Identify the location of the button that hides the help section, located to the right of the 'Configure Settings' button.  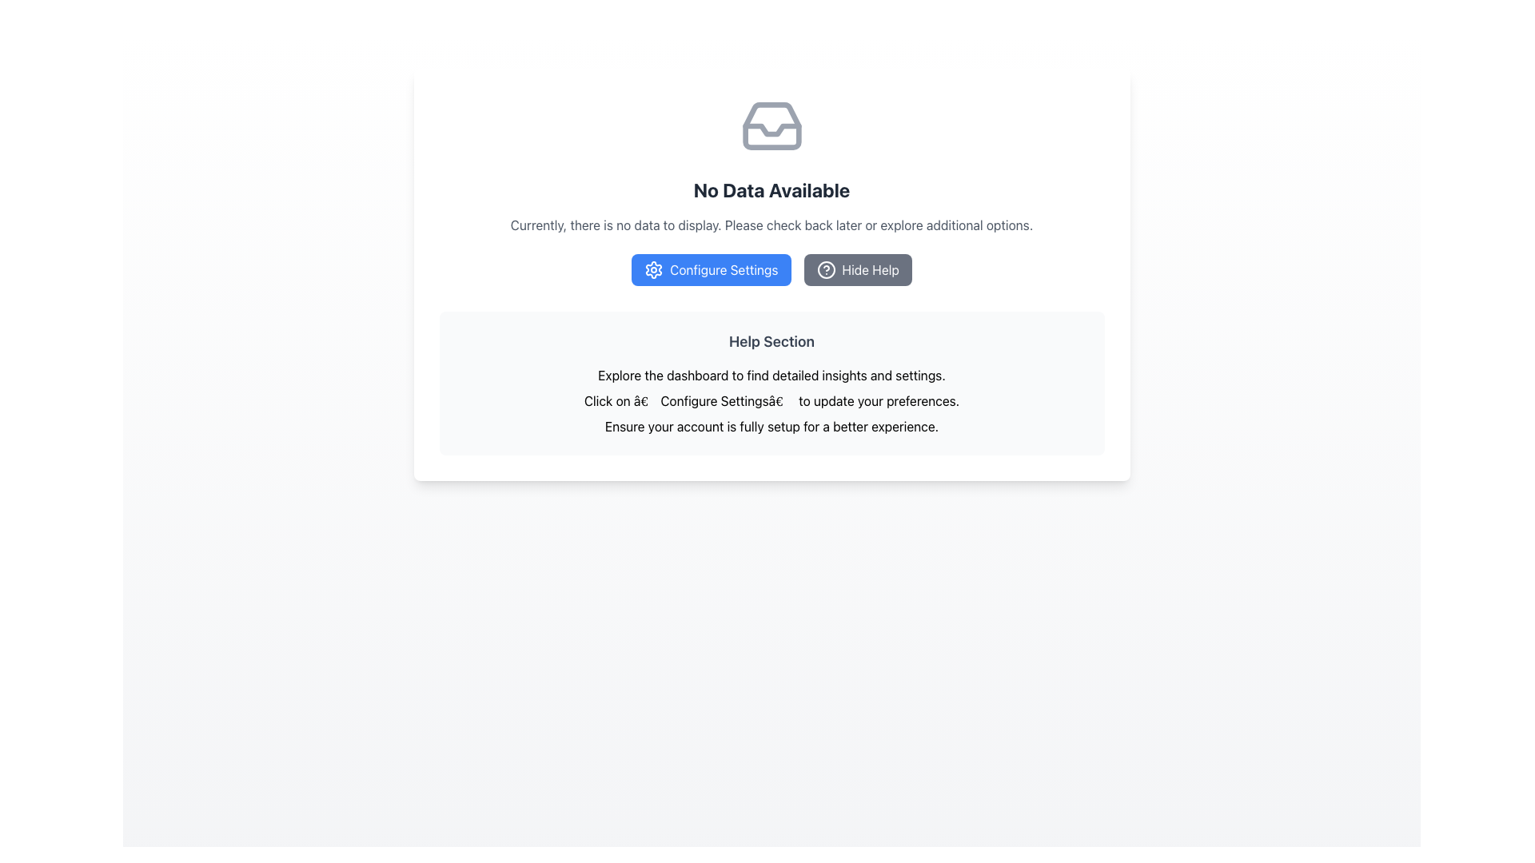
(857, 269).